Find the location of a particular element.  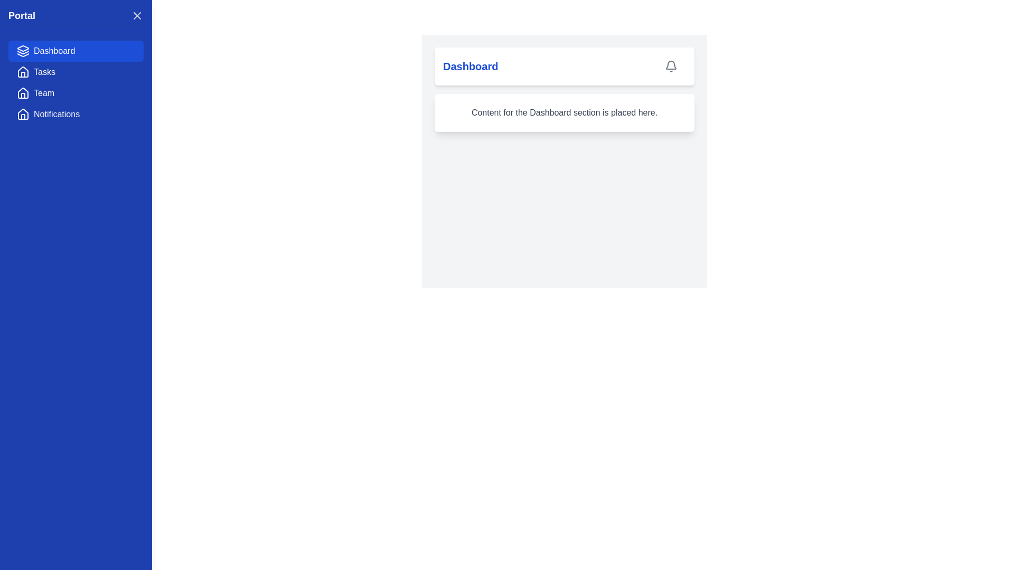

the triangular SVG graphic icon located in the left navigation bar next to the 'Dashboard' text is located at coordinates (23, 49).